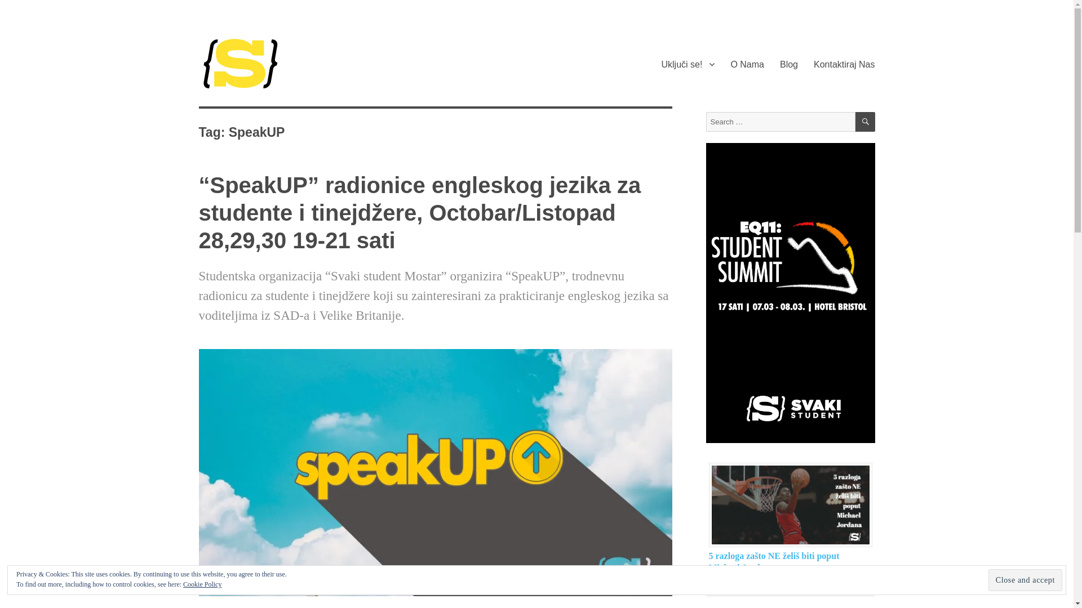 This screenshot has width=1082, height=608. I want to click on 'Kontaktiraj Nas', so click(844, 64).